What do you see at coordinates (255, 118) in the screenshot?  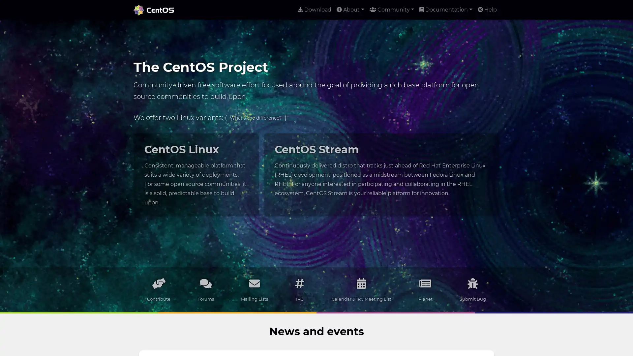 I see `What's the difference?` at bounding box center [255, 118].